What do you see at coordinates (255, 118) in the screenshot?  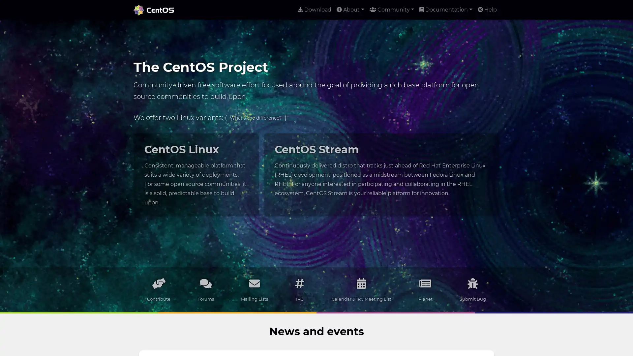 I see `What's the difference?` at bounding box center [255, 118].